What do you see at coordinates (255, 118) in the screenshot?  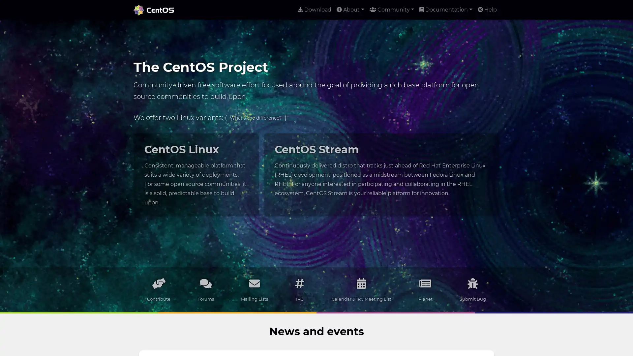 I see `What's the difference?` at bounding box center [255, 118].